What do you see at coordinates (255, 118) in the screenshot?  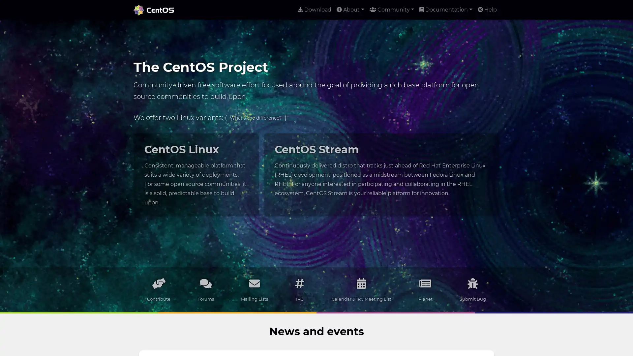 I see `What's the difference?` at bounding box center [255, 118].